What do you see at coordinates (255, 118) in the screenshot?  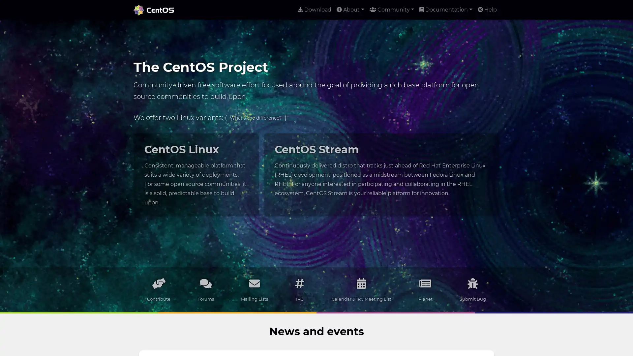 I see `What's the difference?` at bounding box center [255, 118].